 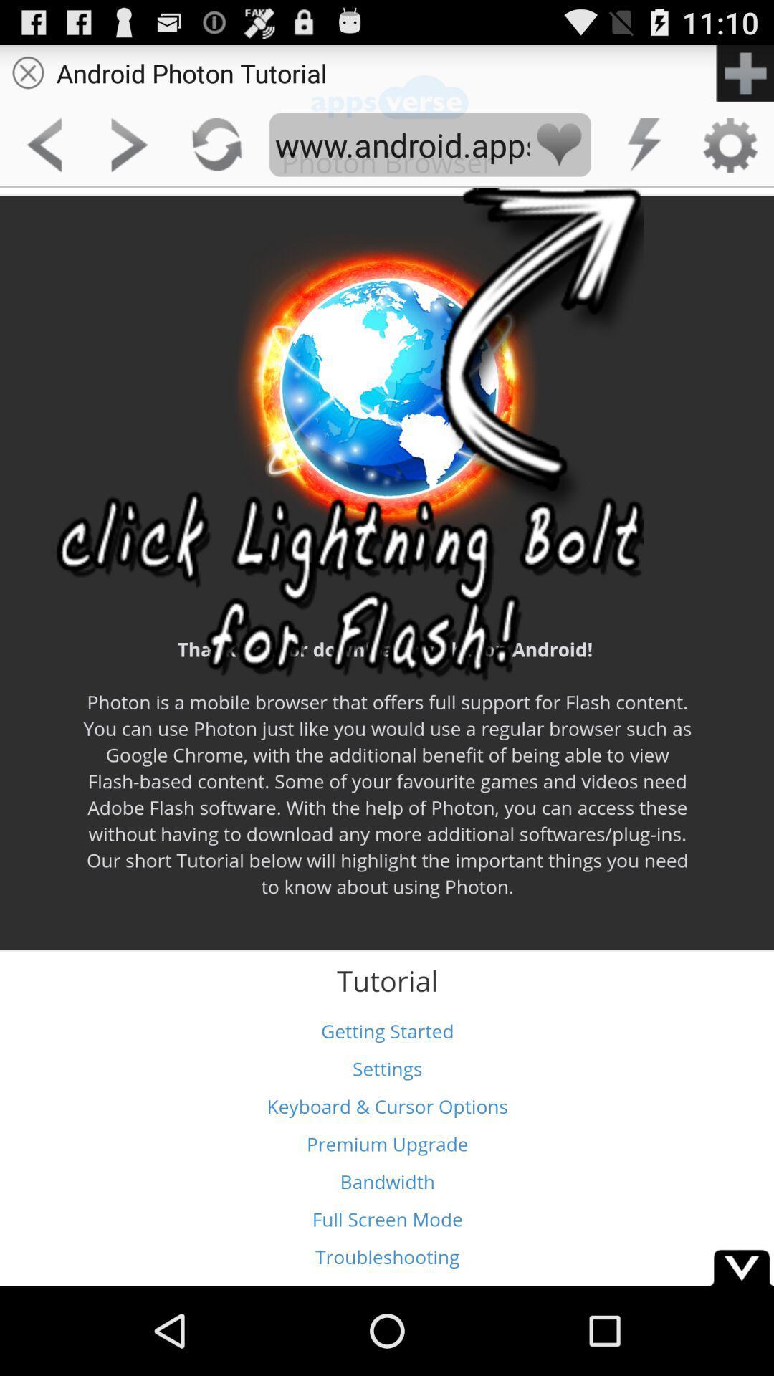 I want to click on the favorite icon, so click(x=558, y=155).